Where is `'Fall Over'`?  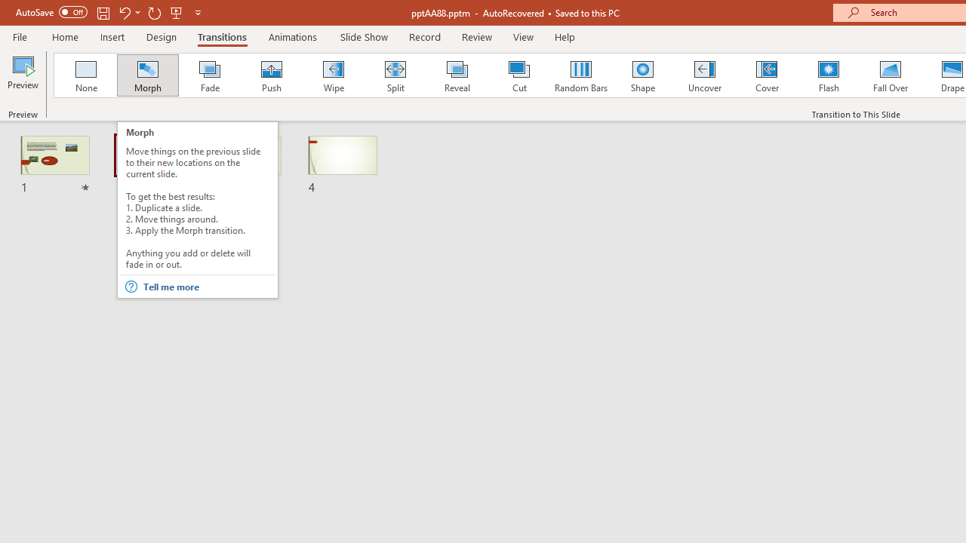
'Fall Over' is located at coordinates (891, 75).